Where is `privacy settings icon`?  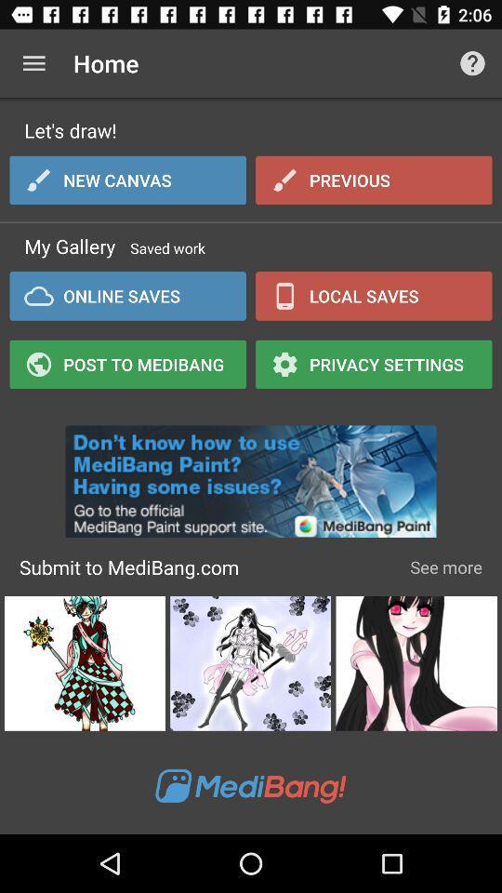
privacy settings icon is located at coordinates (374, 363).